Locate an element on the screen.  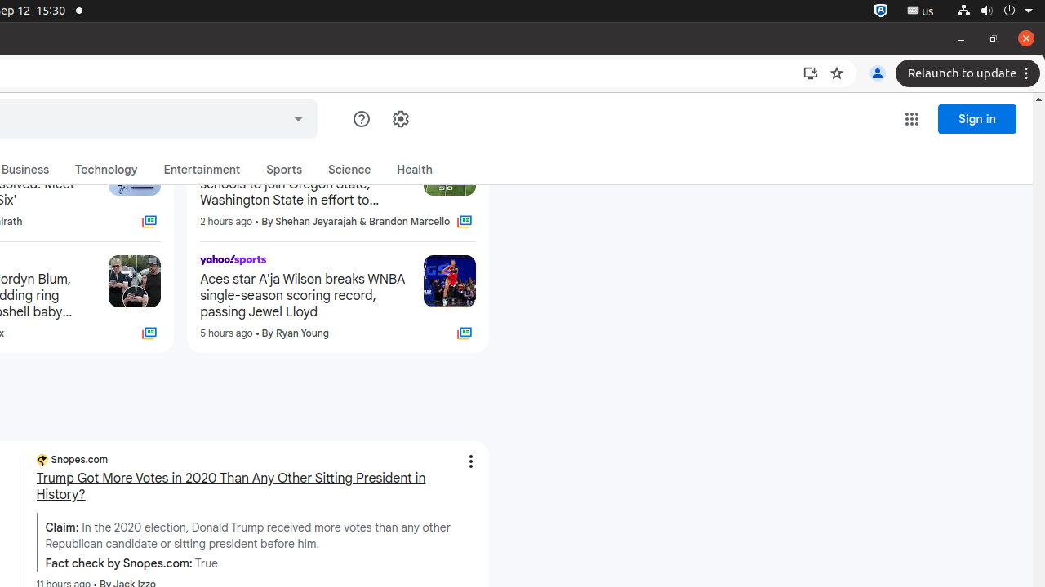
'Health' is located at coordinates (415, 170).